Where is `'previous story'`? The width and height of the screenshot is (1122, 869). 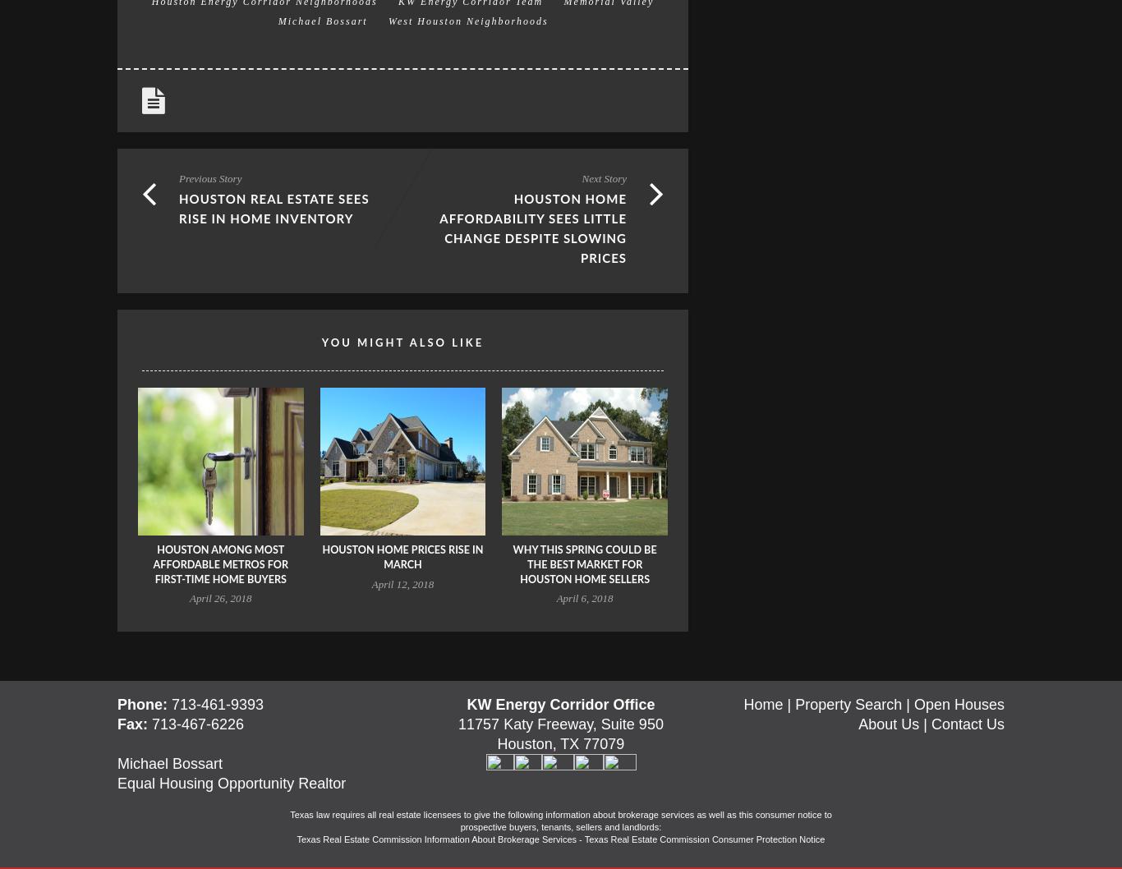
'previous story' is located at coordinates (209, 178).